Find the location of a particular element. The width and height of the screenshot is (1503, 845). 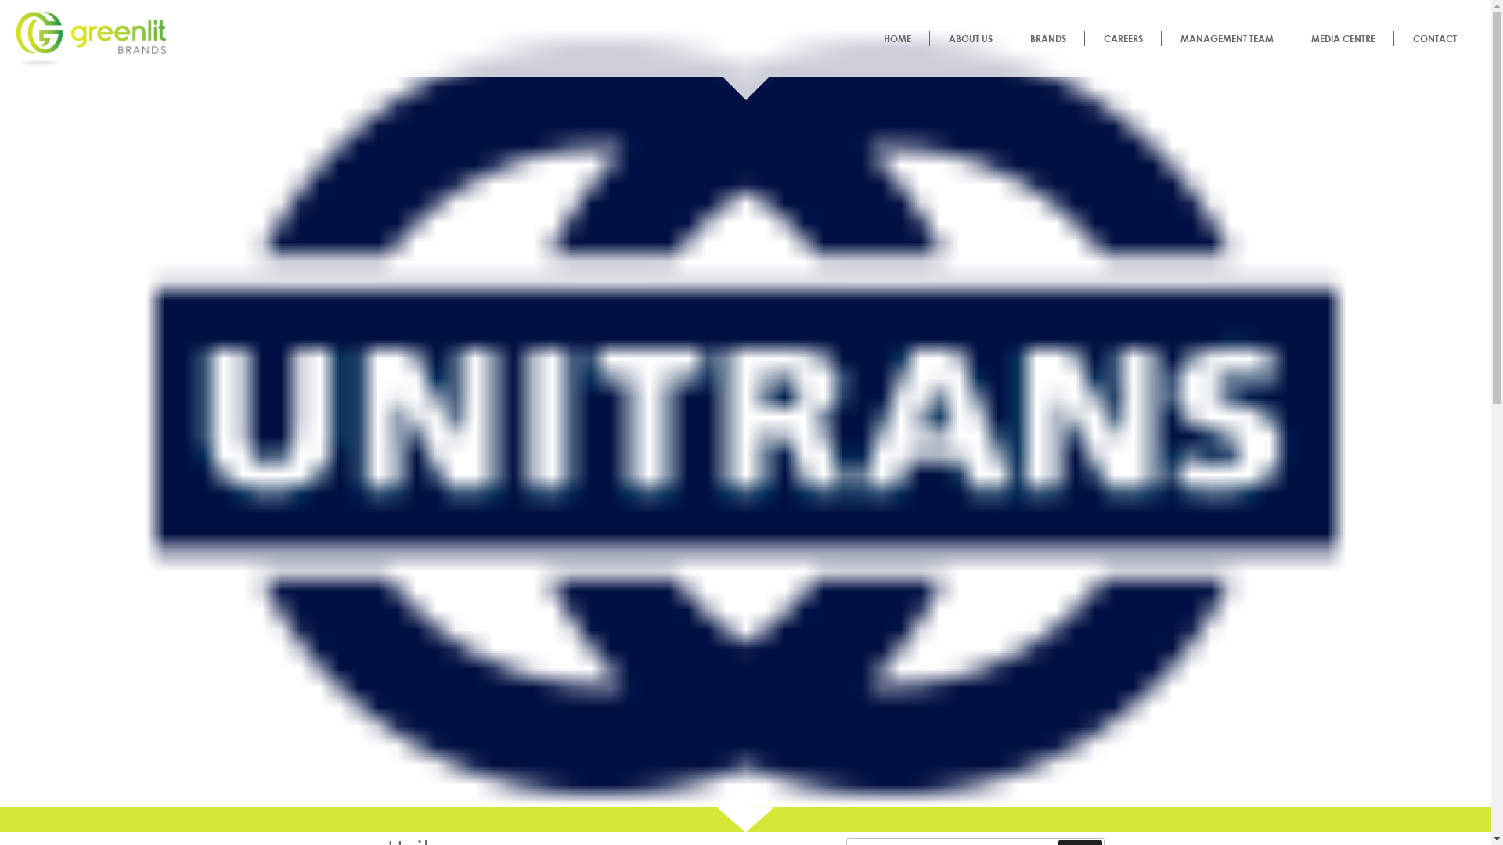

'CAREERS' is located at coordinates (1123, 38).